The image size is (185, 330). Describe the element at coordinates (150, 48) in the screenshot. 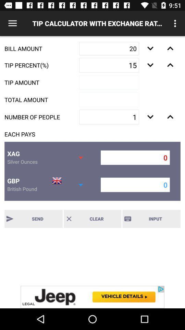

I see `the expand_more icon` at that location.